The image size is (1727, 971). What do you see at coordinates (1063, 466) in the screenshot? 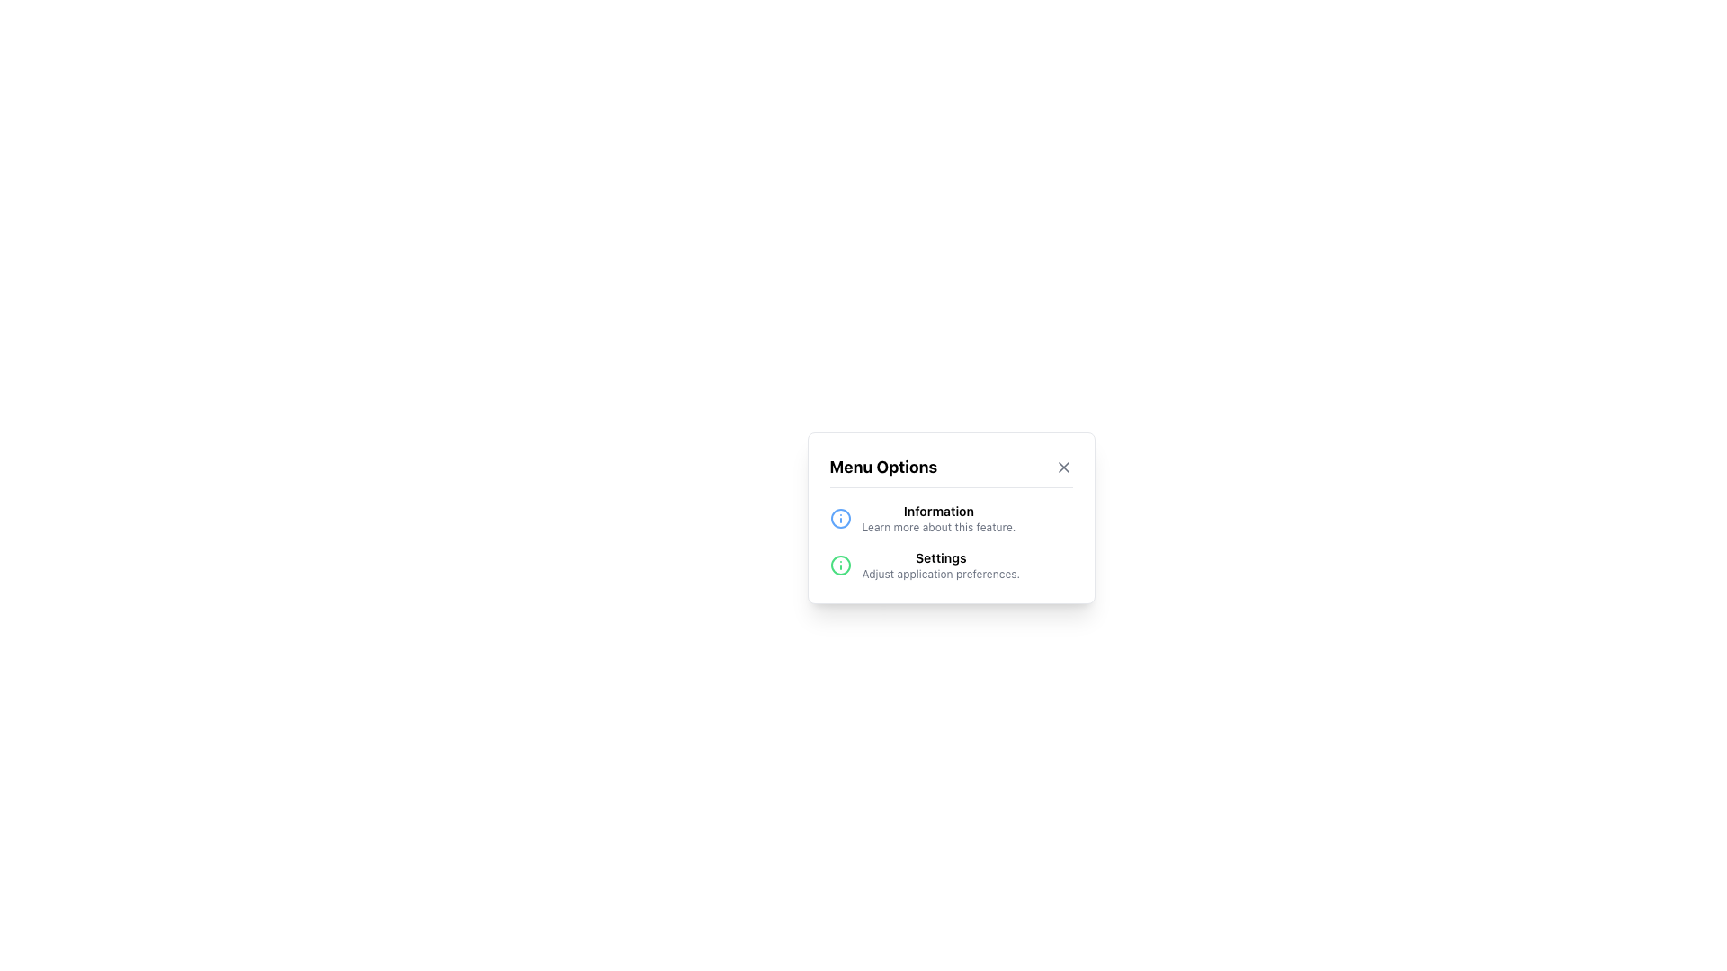
I see `the 'X' close button in the header of the 'Menu Options' modal to change its color to red` at bounding box center [1063, 466].